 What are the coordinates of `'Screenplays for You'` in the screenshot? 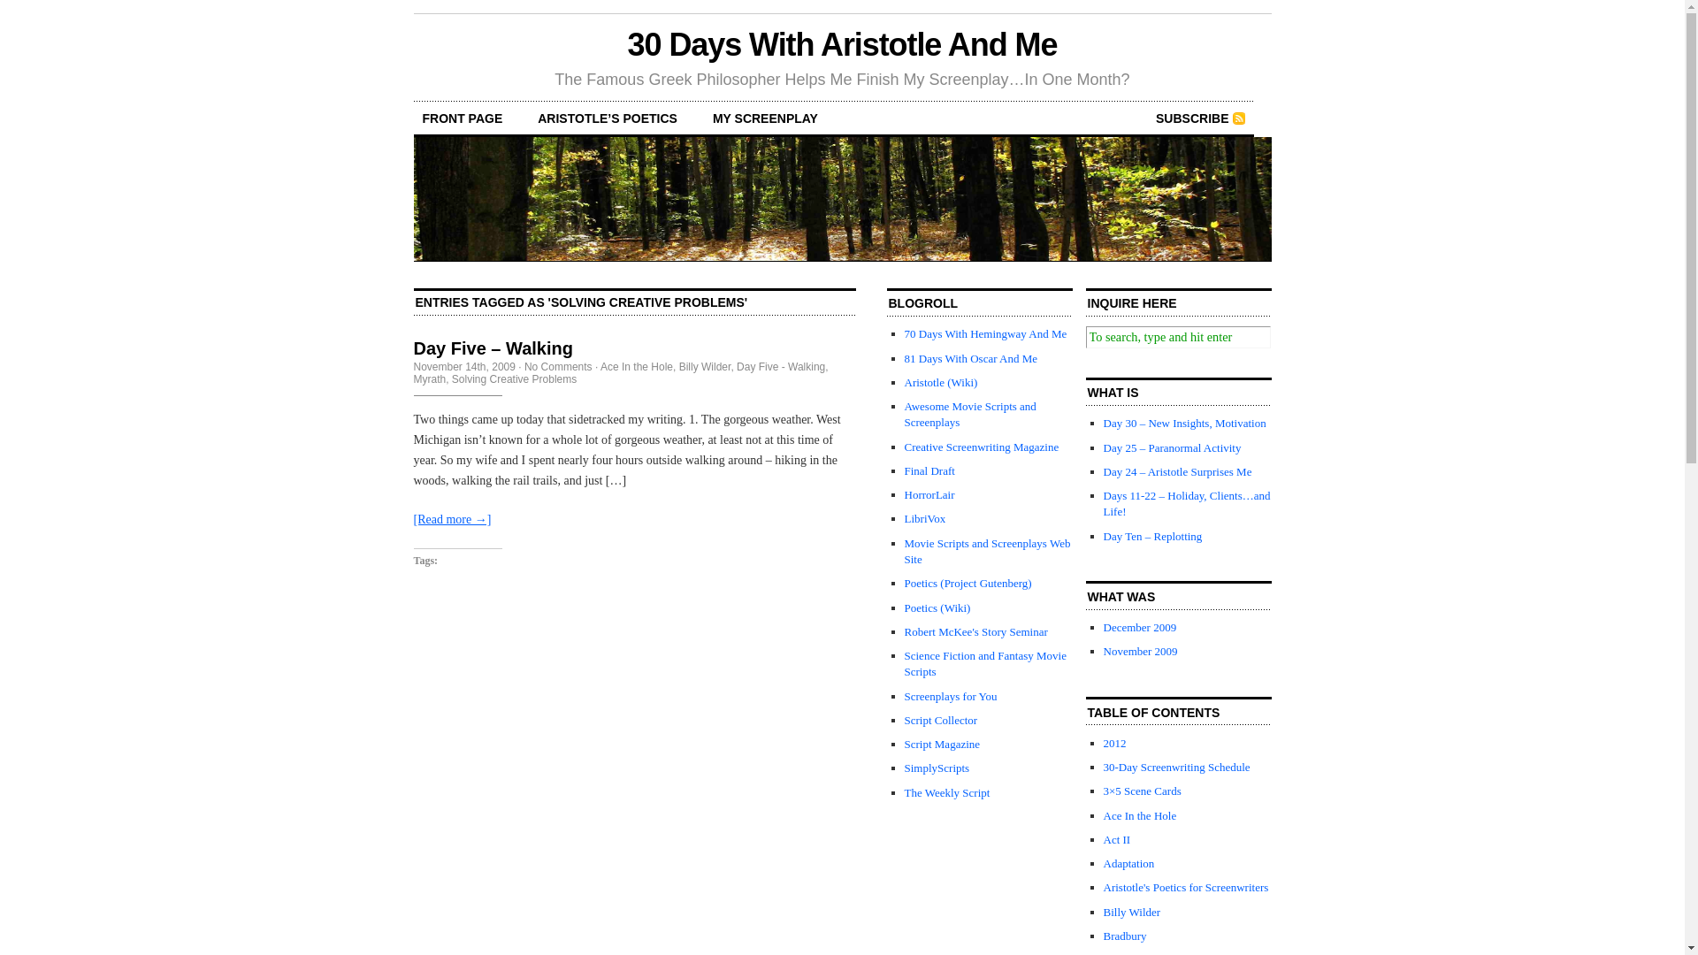 It's located at (949, 695).